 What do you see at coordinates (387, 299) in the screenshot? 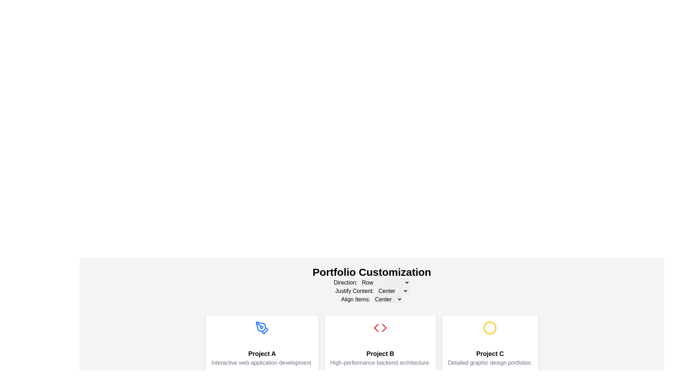
I see `the 'StretchCenterBaseline' dropdown menu, which is part of the 'Align Items' configuration row in the settings interface` at bounding box center [387, 299].